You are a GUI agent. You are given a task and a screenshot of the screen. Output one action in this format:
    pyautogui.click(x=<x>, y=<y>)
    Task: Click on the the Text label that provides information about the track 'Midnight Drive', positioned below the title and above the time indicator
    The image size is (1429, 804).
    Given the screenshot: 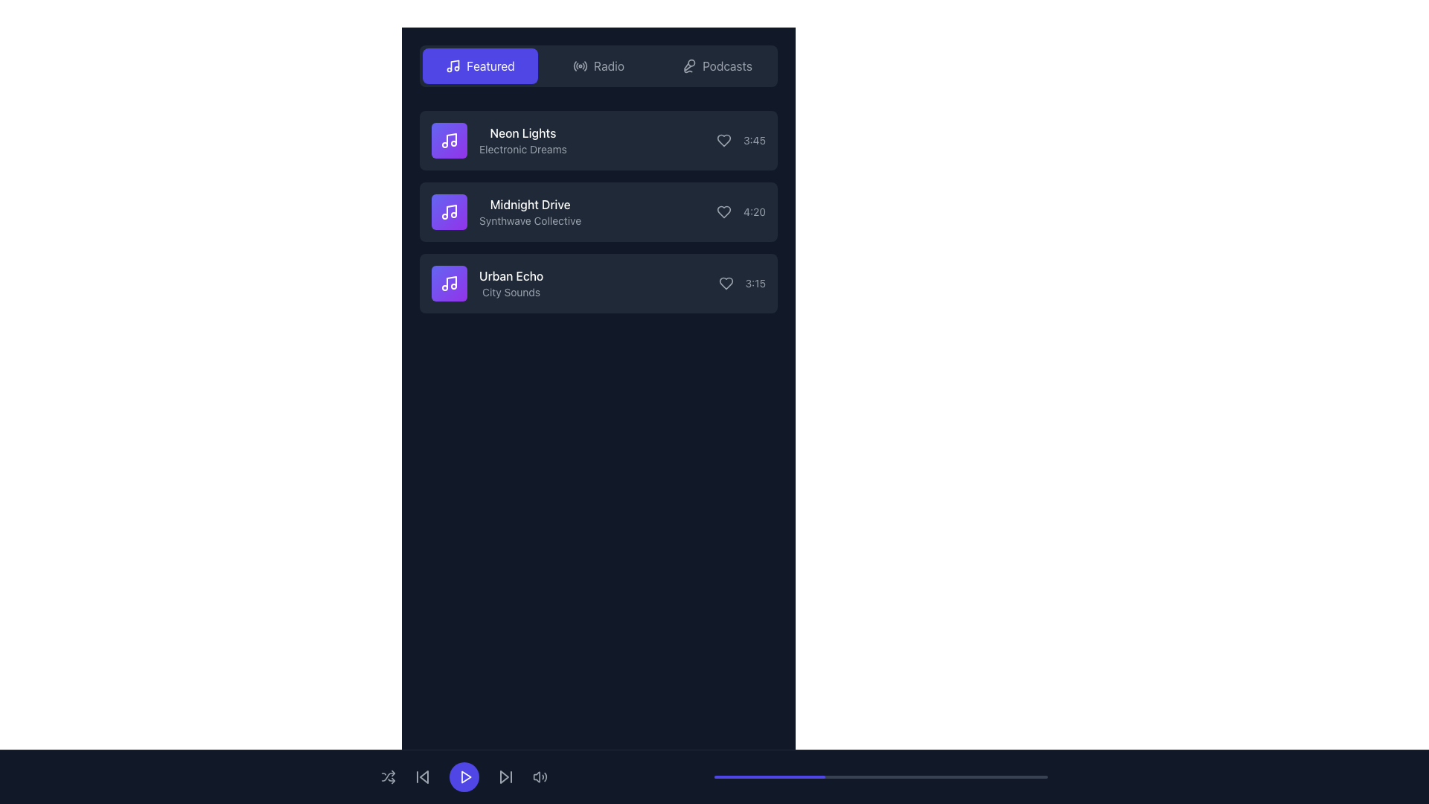 What is the action you would take?
    pyautogui.click(x=530, y=221)
    